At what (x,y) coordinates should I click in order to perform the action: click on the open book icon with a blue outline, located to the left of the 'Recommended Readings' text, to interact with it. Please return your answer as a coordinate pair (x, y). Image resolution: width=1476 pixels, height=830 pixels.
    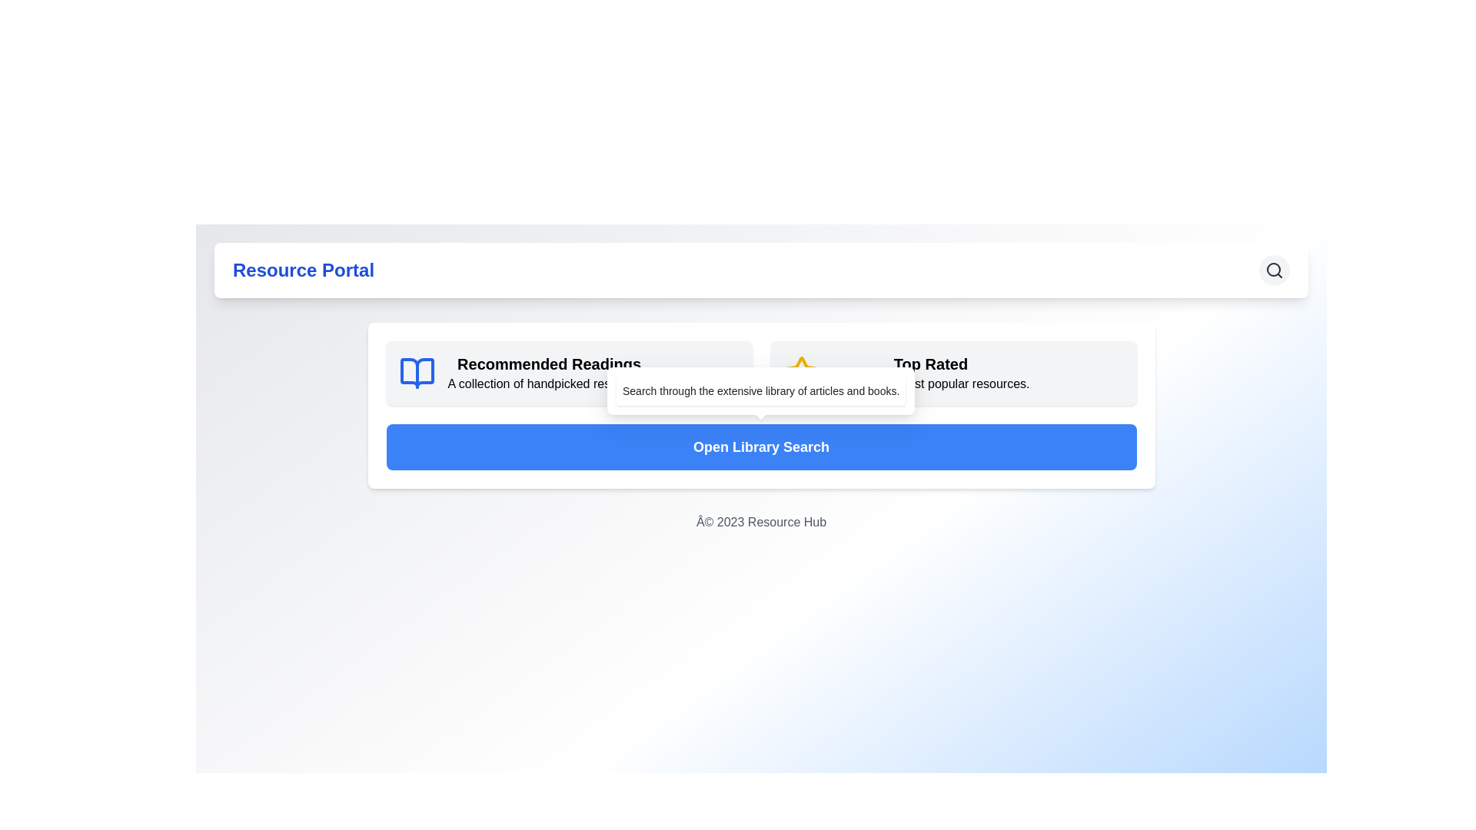
    Looking at the image, I should click on (417, 373).